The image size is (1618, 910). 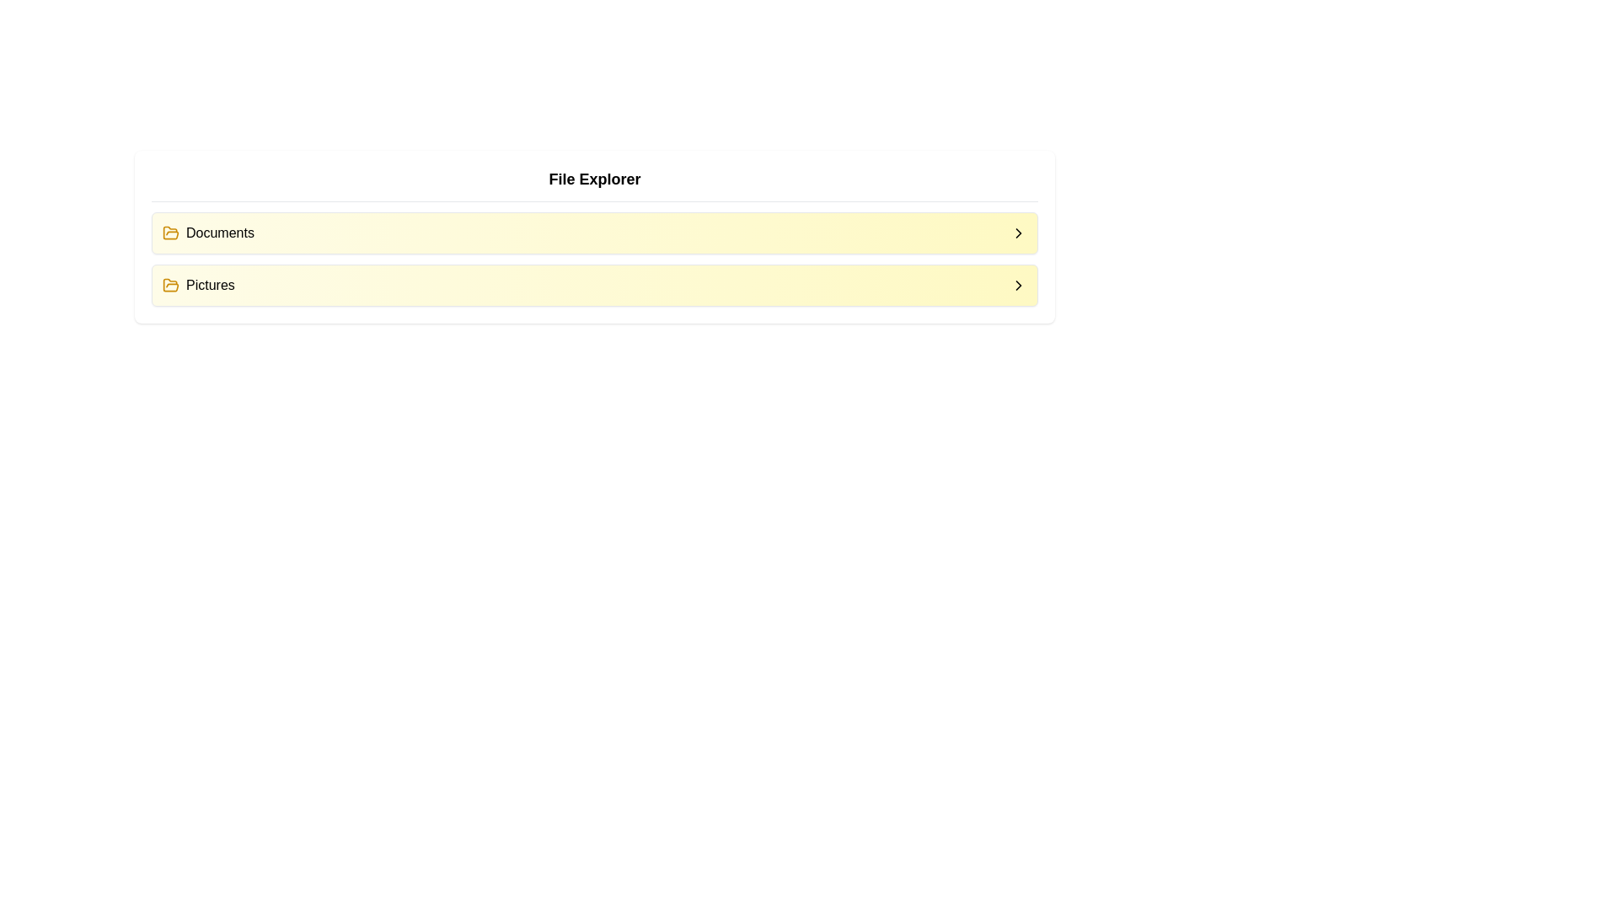 I want to click on the 'File Explorer' heading text label, which is styled with a bold and larger font size, centrally positioned at the top of the section, so click(x=594, y=179).